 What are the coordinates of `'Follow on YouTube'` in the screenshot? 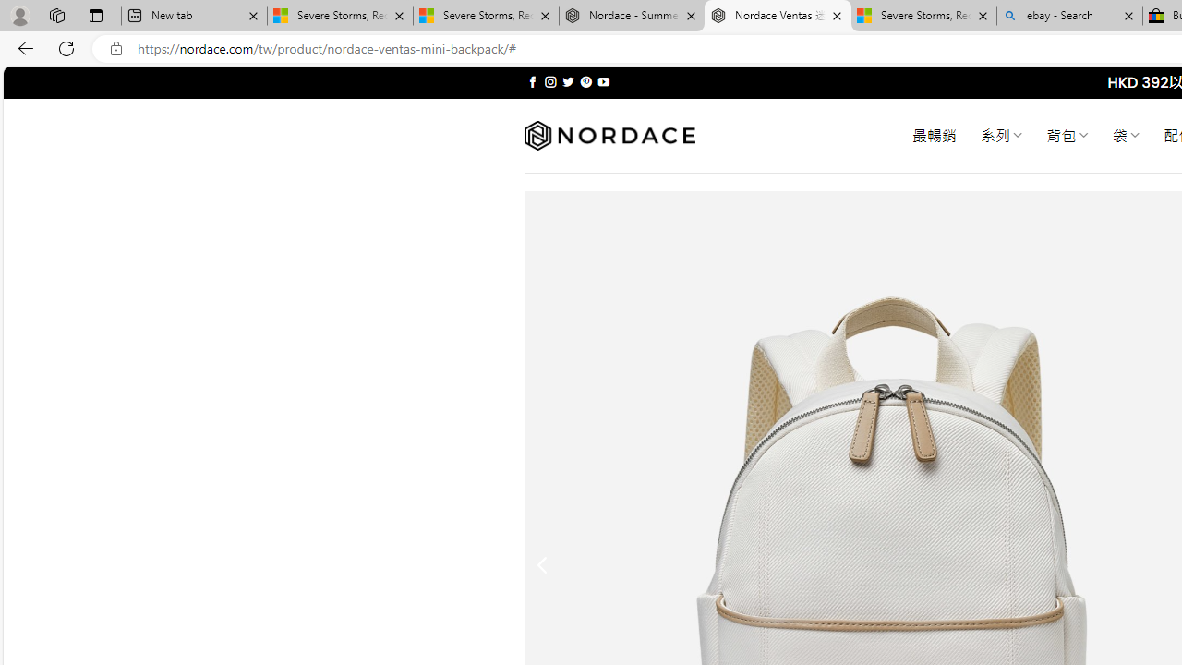 It's located at (603, 81).